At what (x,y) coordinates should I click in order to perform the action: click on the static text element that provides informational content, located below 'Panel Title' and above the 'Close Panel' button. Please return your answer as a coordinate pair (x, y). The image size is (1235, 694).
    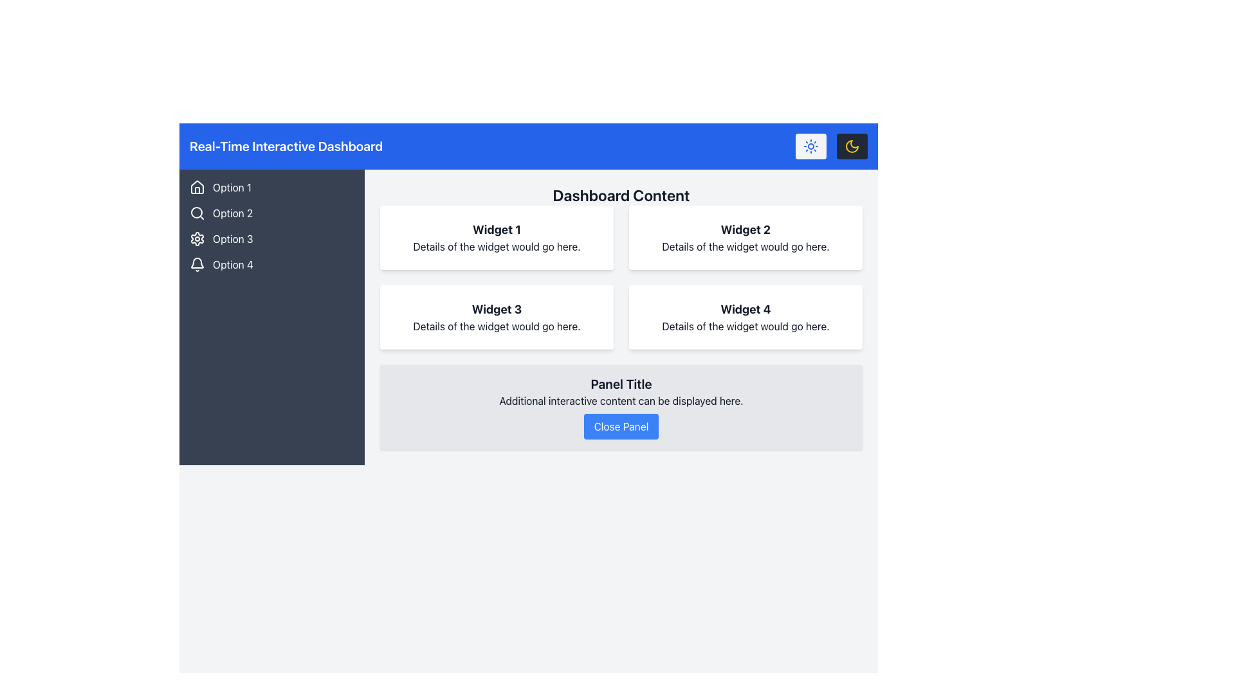
    Looking at the image, I should click on (621, 400).